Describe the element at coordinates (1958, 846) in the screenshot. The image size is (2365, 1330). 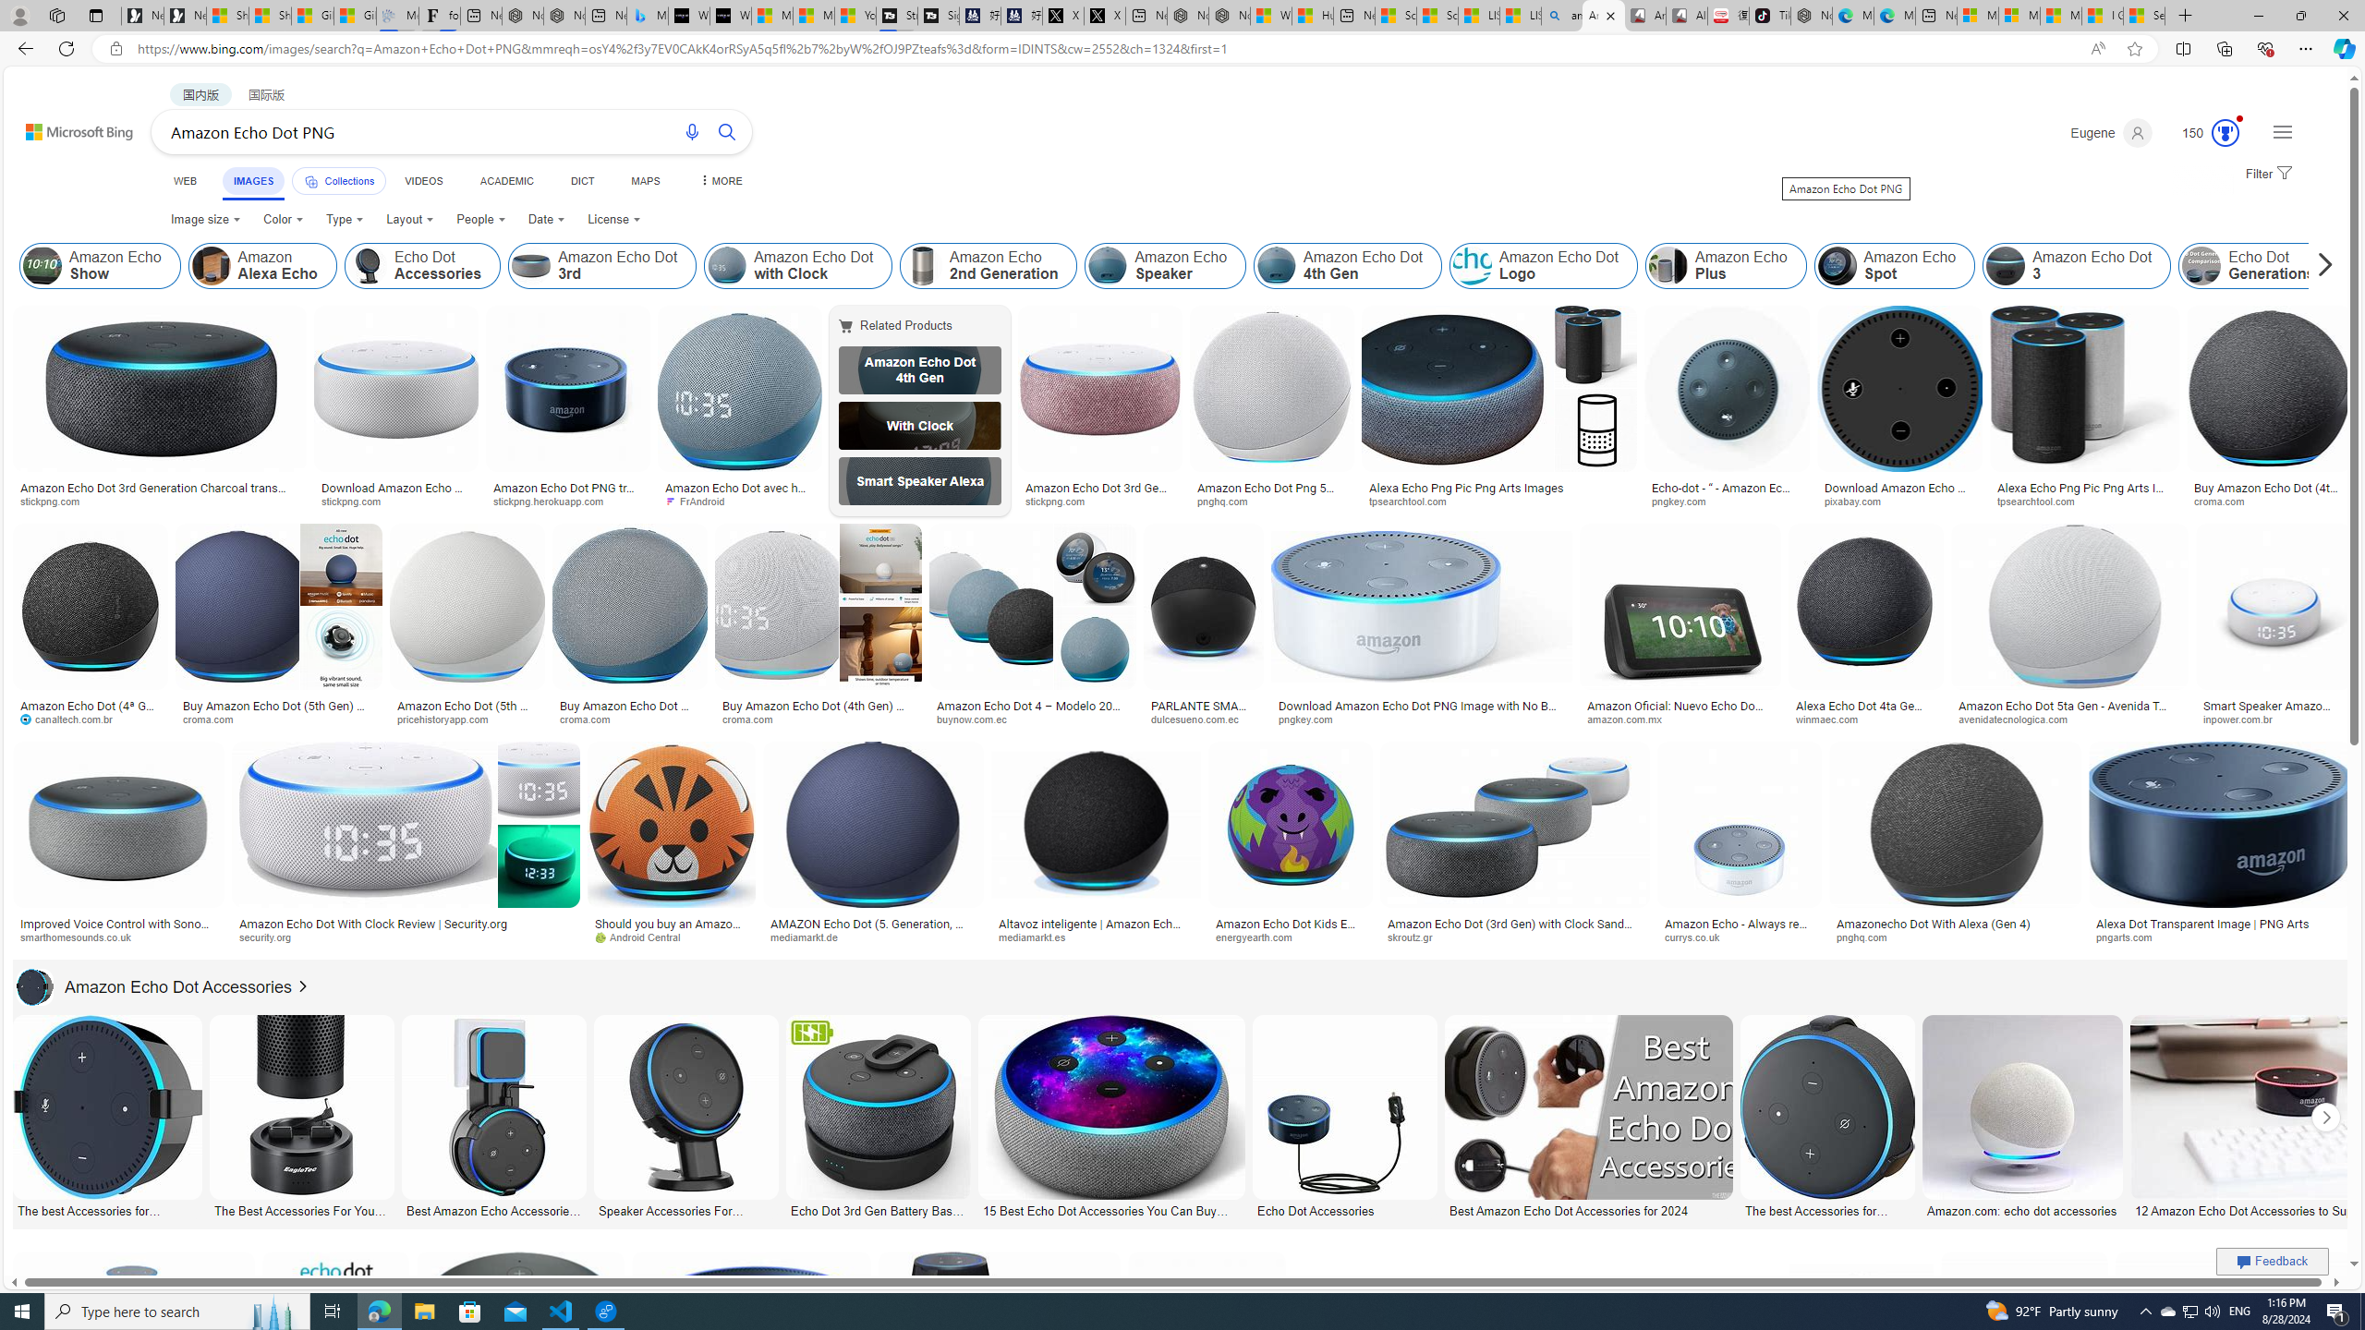
I see `'Amazonecho Dot With Alexa (Gen 4)pnghq.comSave'` at that location.